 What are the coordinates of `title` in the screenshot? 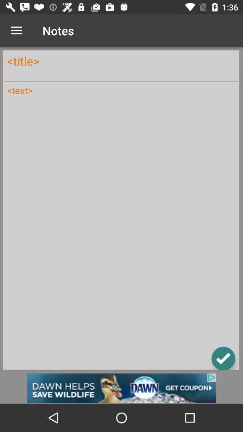 It's located at (121, 60).